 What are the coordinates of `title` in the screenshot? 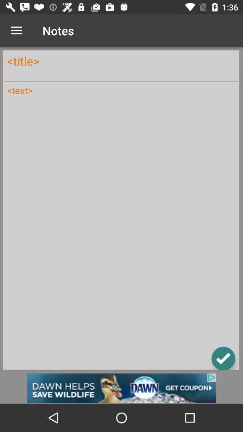 It's located at (121, 60).